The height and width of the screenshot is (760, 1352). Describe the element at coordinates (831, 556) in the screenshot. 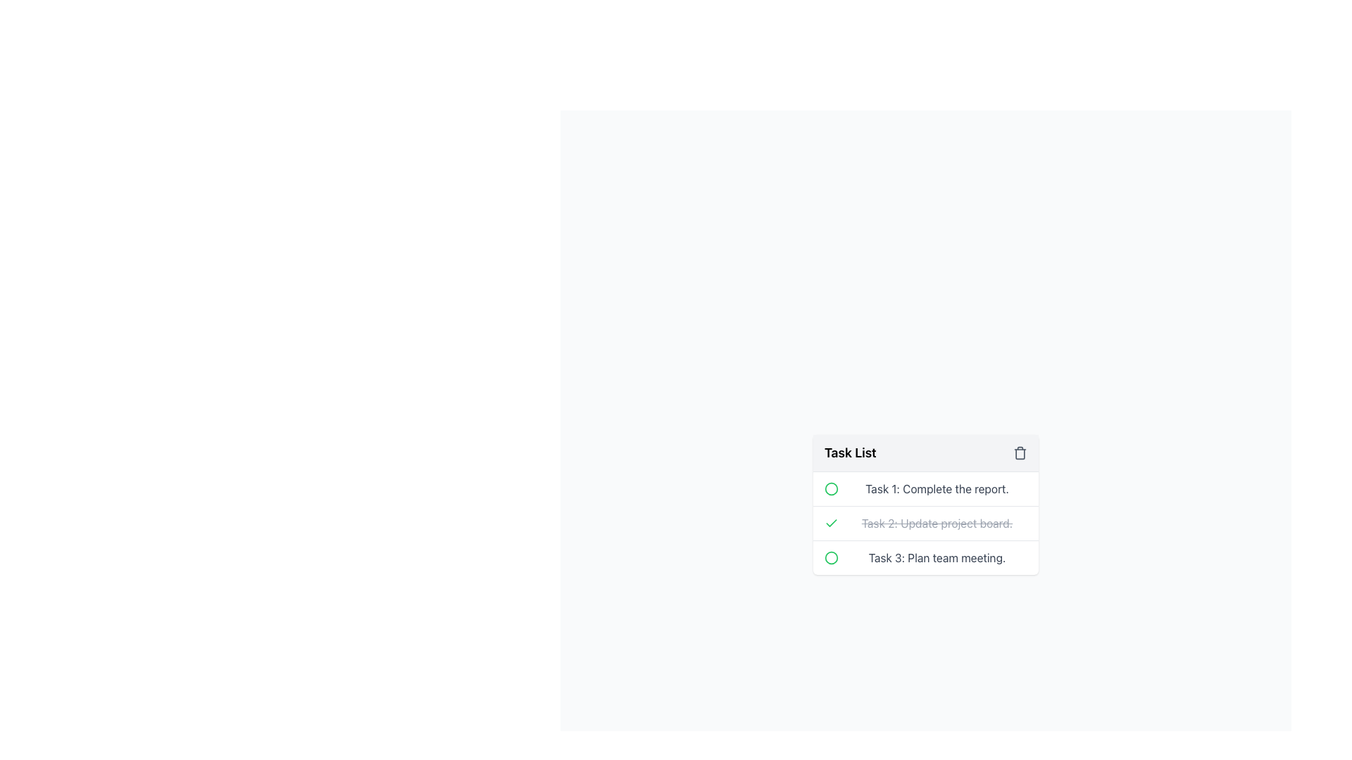

I see `the circle-shaped interactive icon for 'Task 3: Plan team meeting'` at that location.